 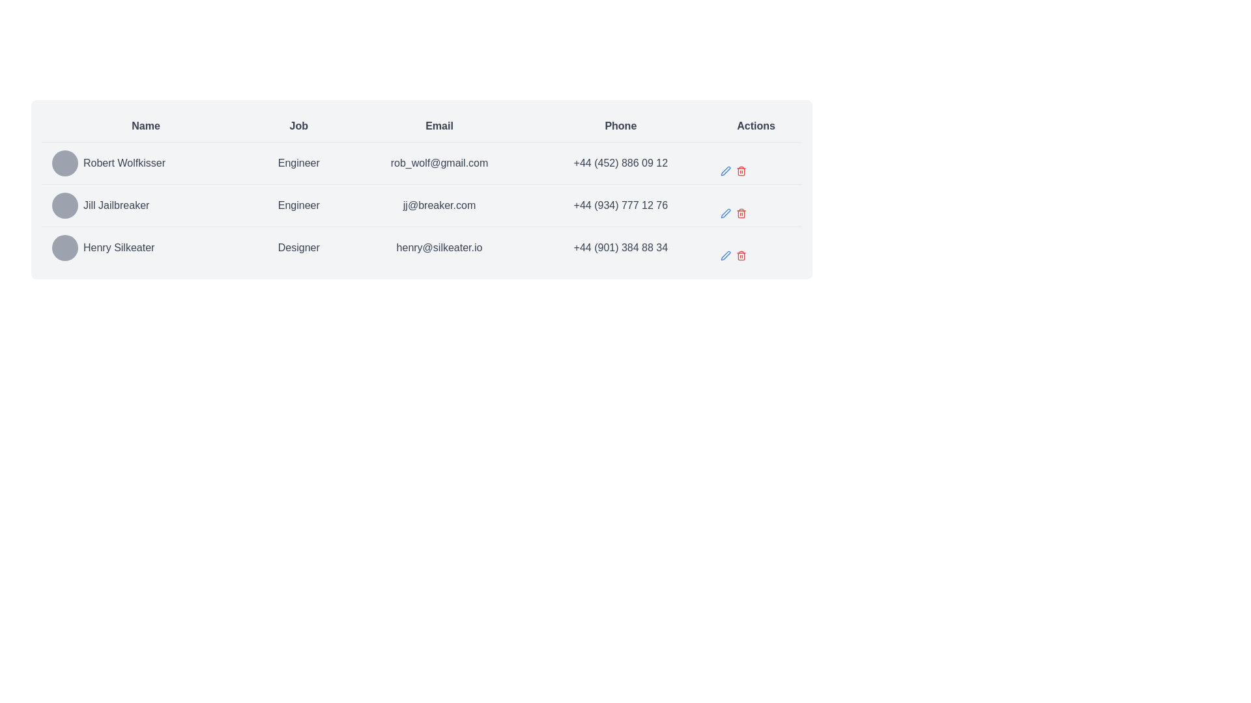 What do you see at coordinates (146, 126) in the screenshot?
I see `the static text label that serves as the header for the 'Name' column in the table, located at the top left of the table layout` at bounding box center [146, 126].